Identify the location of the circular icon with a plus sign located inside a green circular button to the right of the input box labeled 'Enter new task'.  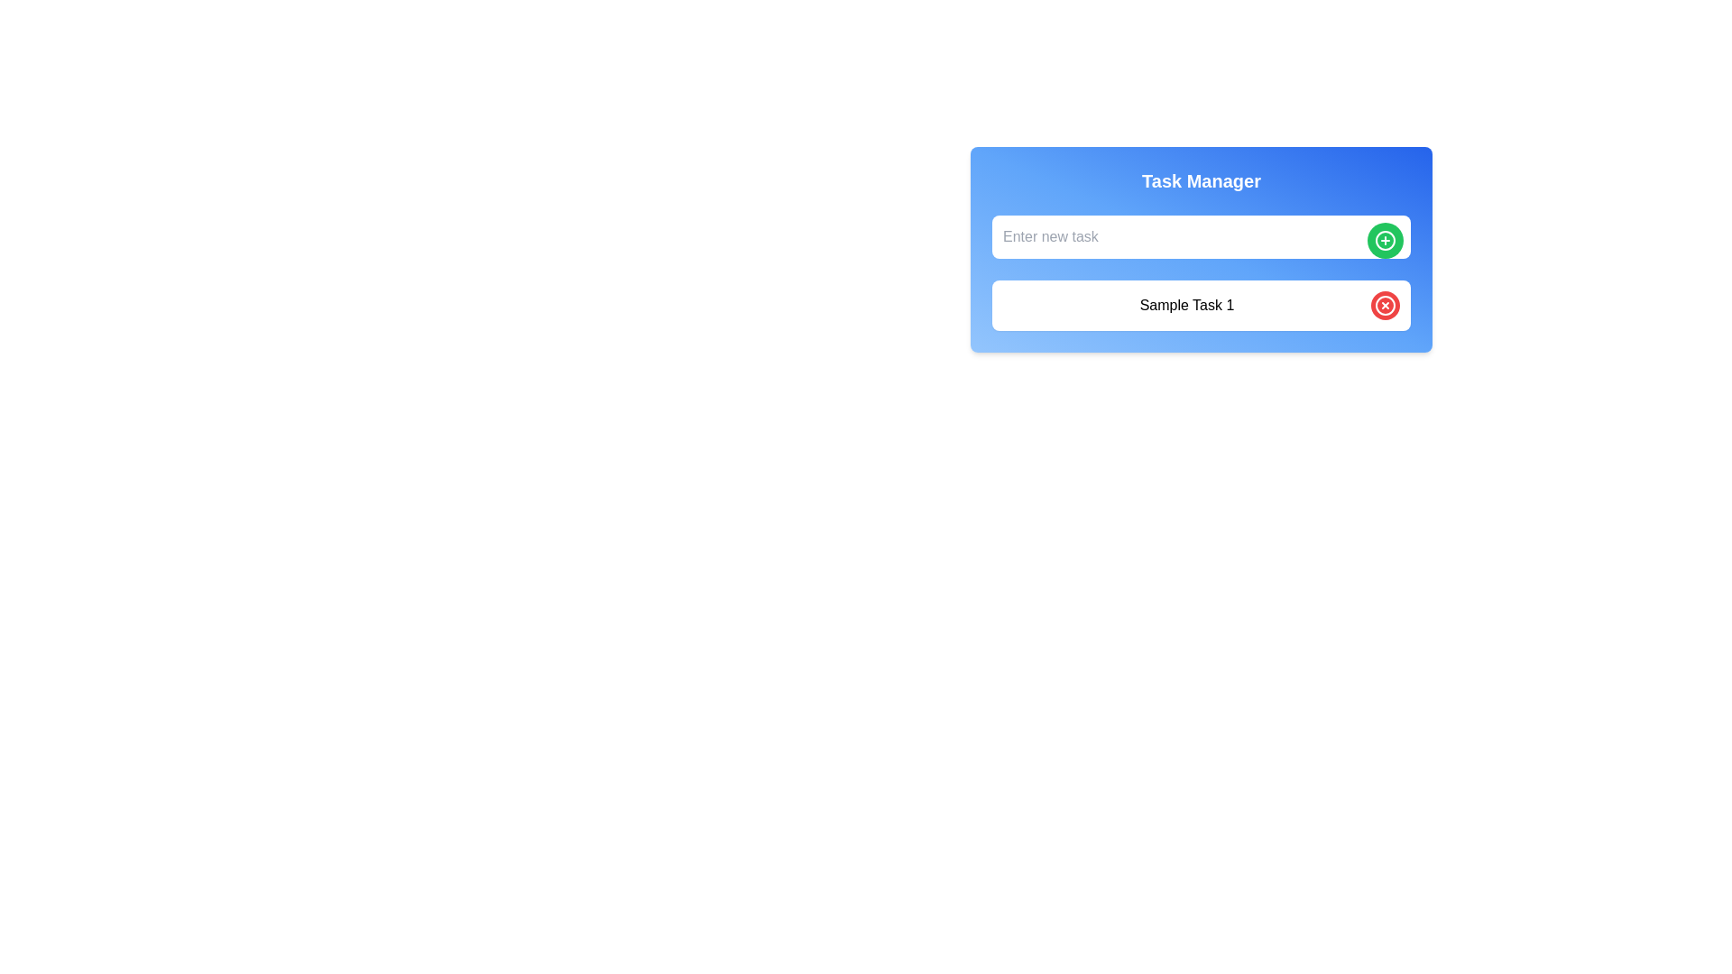
(1385, 239).